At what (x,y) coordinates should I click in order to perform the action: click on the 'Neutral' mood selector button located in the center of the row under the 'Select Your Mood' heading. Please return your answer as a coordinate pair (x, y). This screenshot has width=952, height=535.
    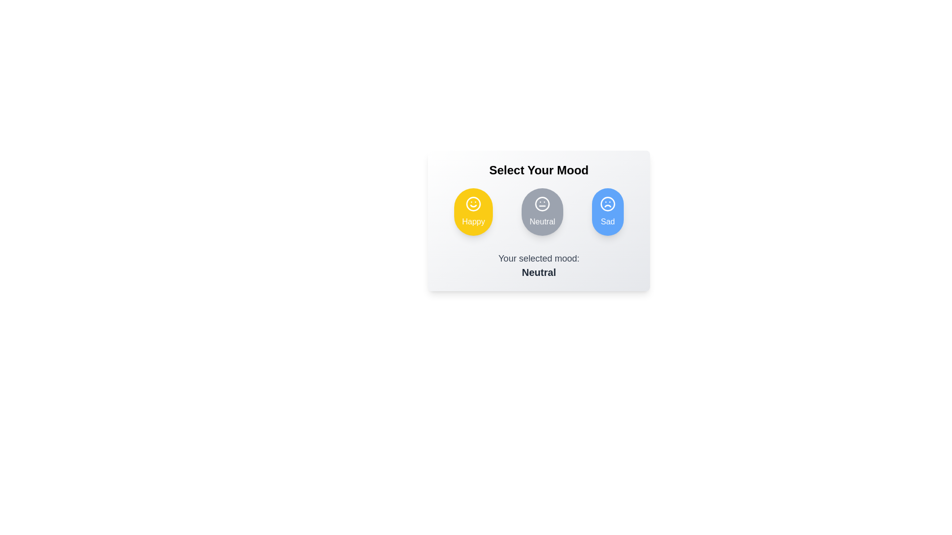
    Looking at the image, I should click on (538, 212).